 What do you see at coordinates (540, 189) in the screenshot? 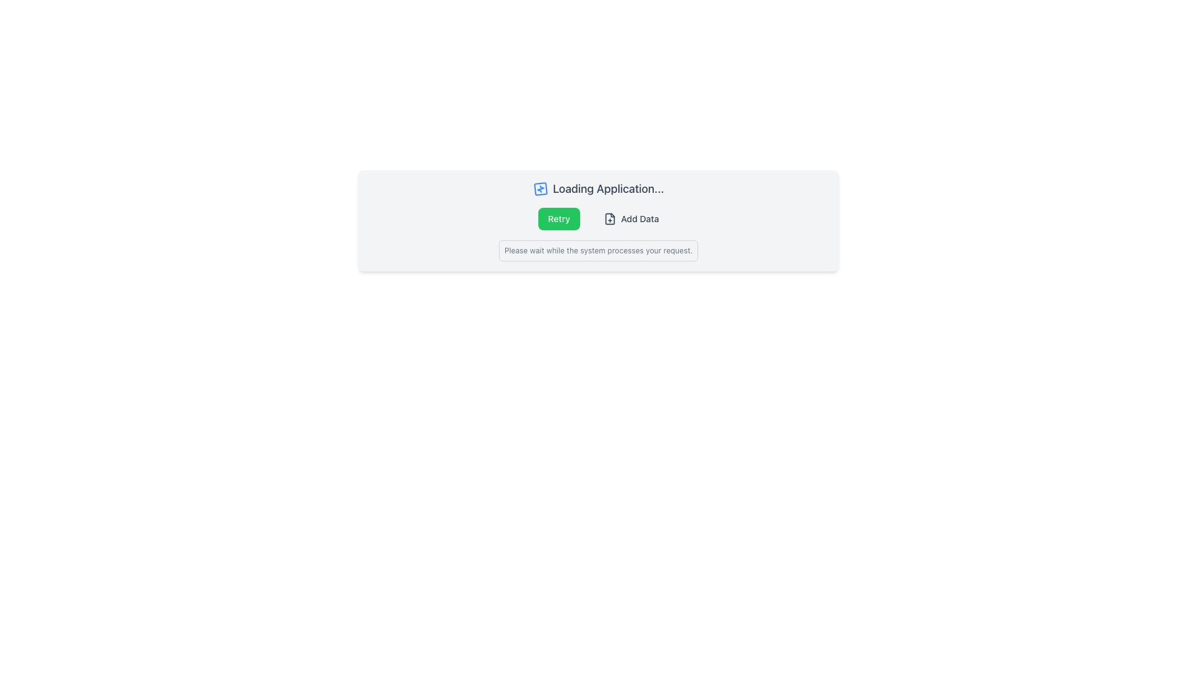
I see `the small, rounded-corner square loading indicator part, which is styled as part of a spinner or loading icon, located near the text 'Loading Application...'` at bounding box center [540, 189].